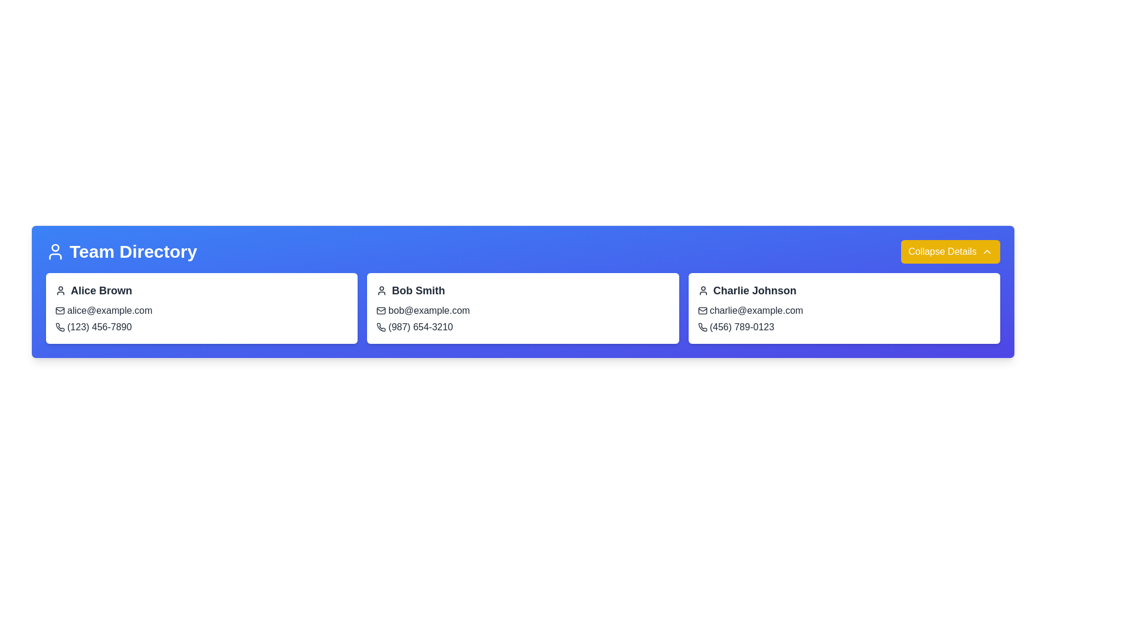 The width and height of the screenshot is (1133, 637). I want to click on the envelope icon representing the email of 'Alice Brown' located in the contact box to the left of 'alice@example.com', so click(59, 310).